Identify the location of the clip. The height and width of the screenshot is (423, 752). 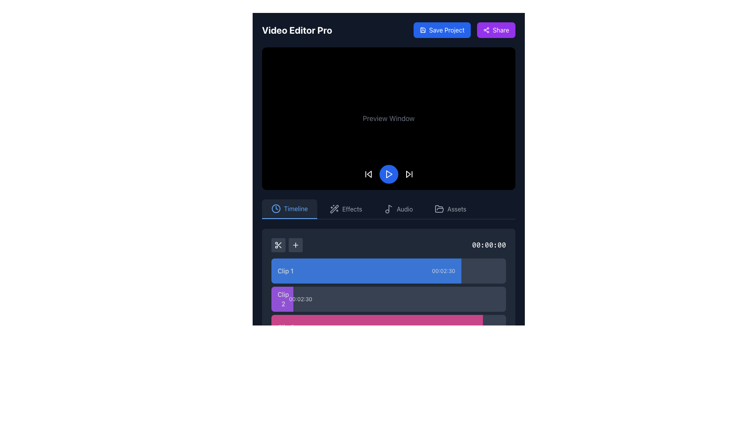
(389, 313).